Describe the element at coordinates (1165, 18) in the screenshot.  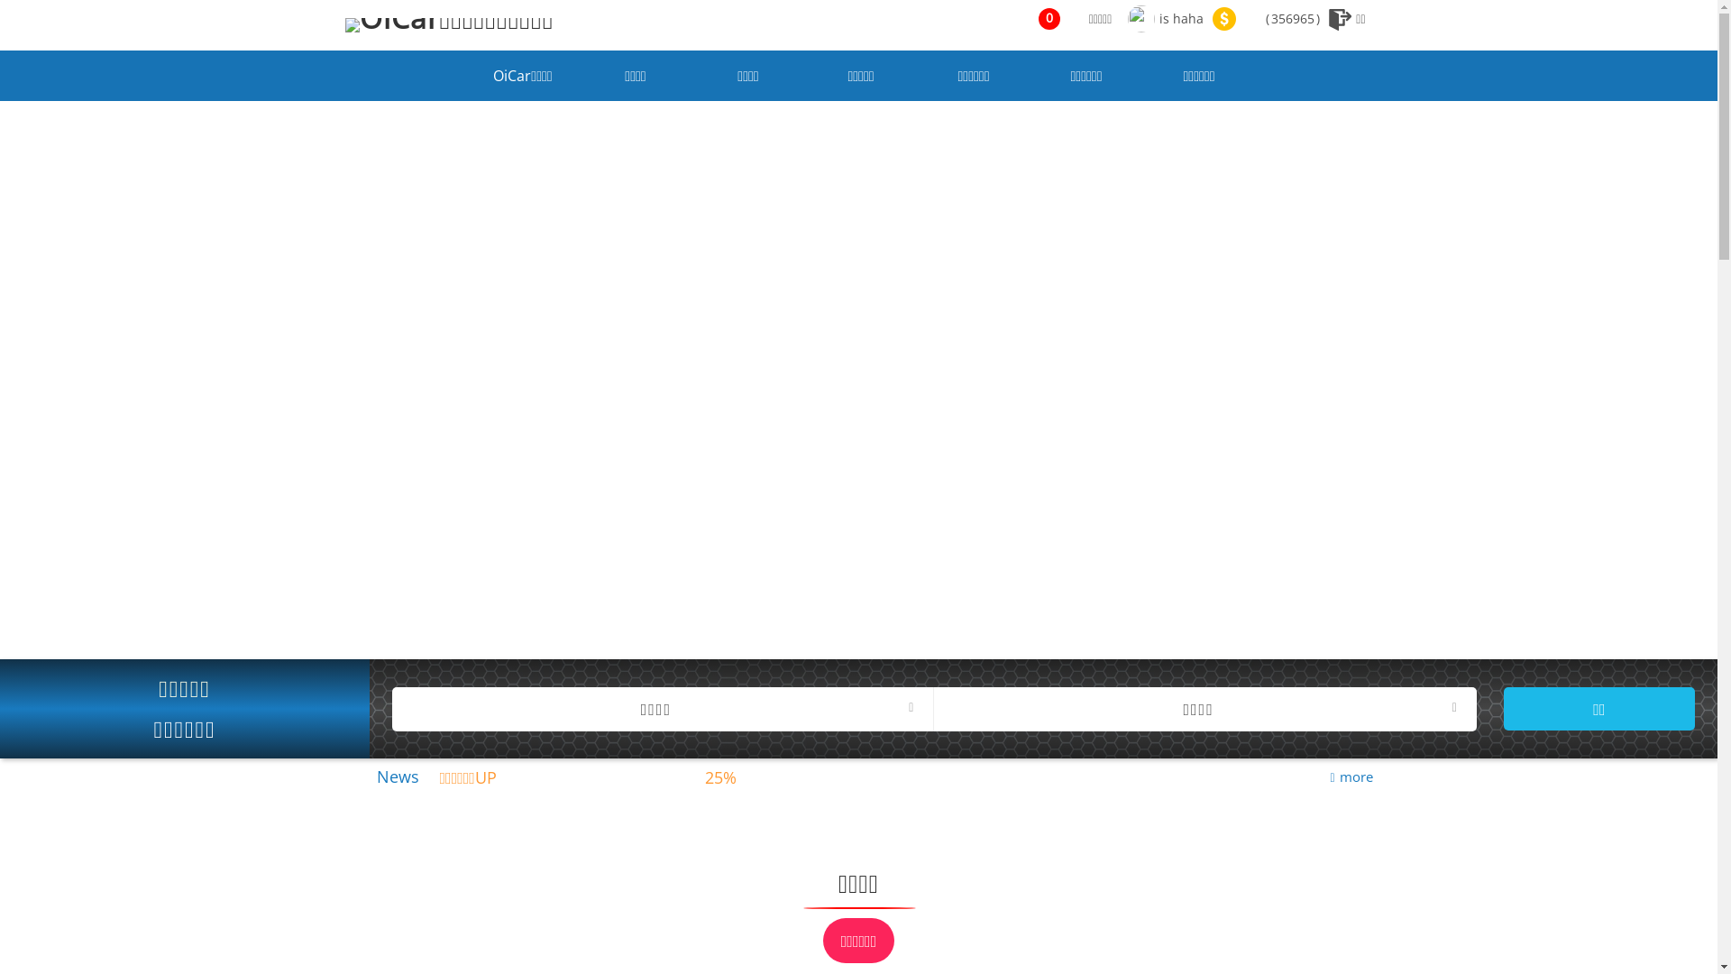
I see `'is haha'` at that location.